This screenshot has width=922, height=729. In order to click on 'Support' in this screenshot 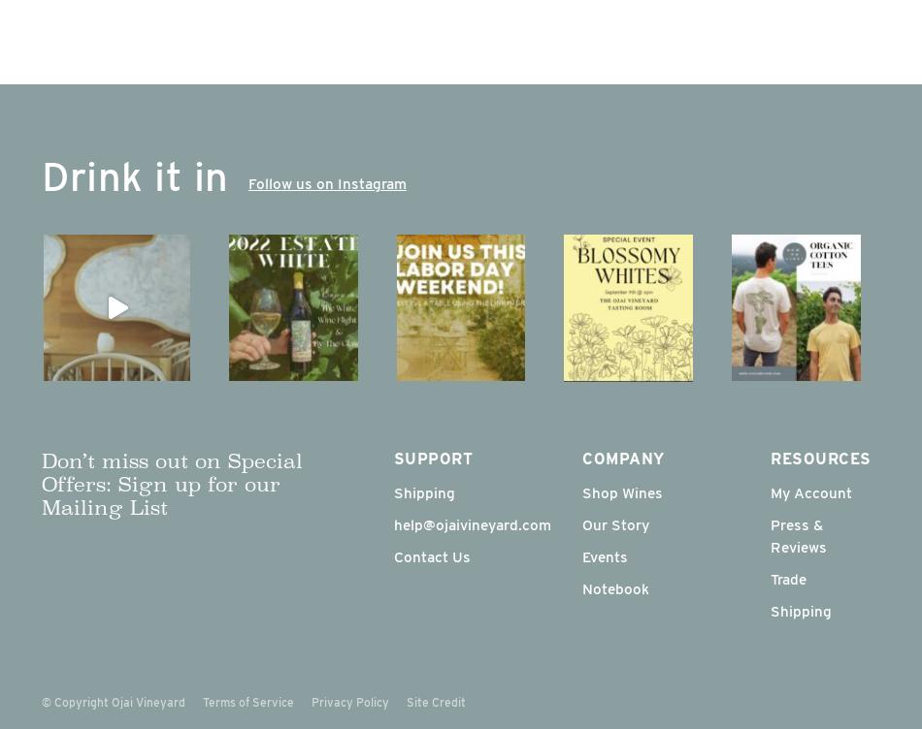, I will do `click(432, 458)`.